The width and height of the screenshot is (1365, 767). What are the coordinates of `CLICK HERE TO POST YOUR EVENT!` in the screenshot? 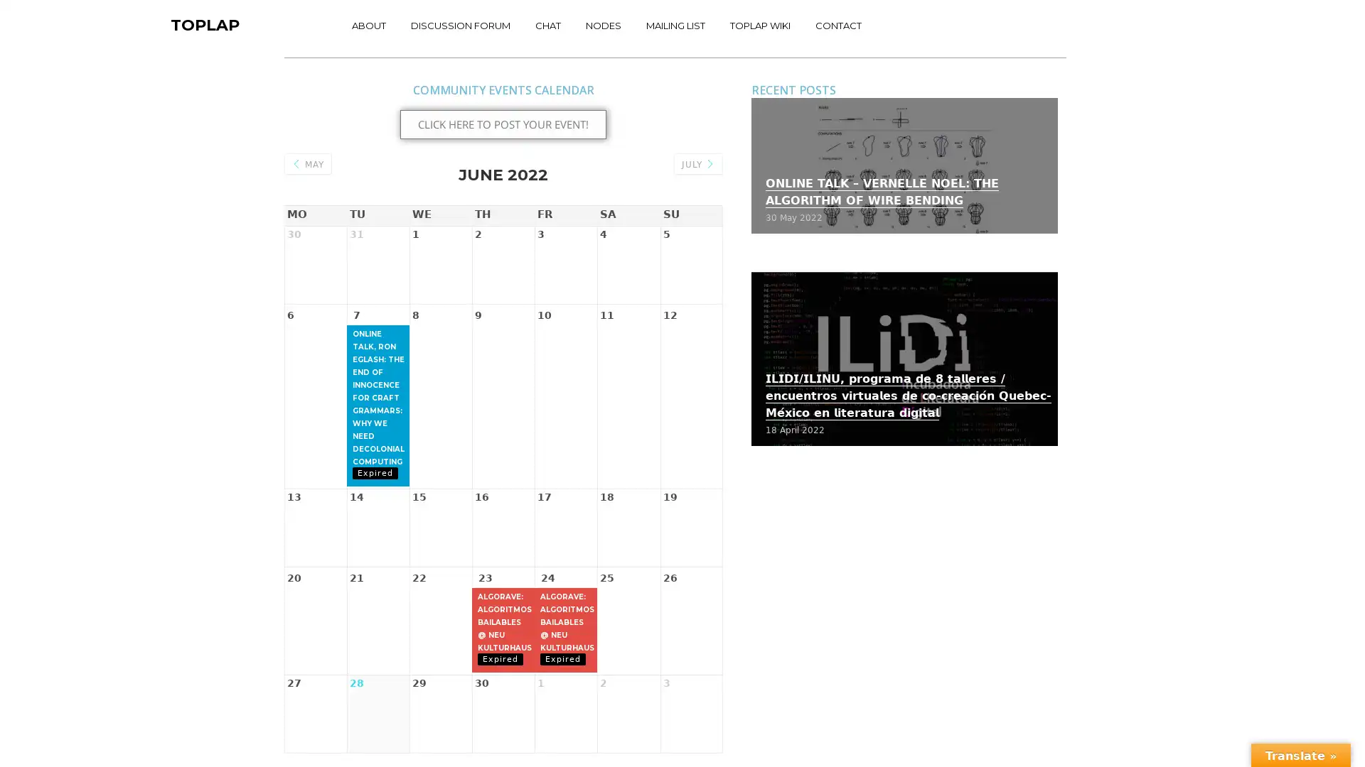 It's located at (503, 124).